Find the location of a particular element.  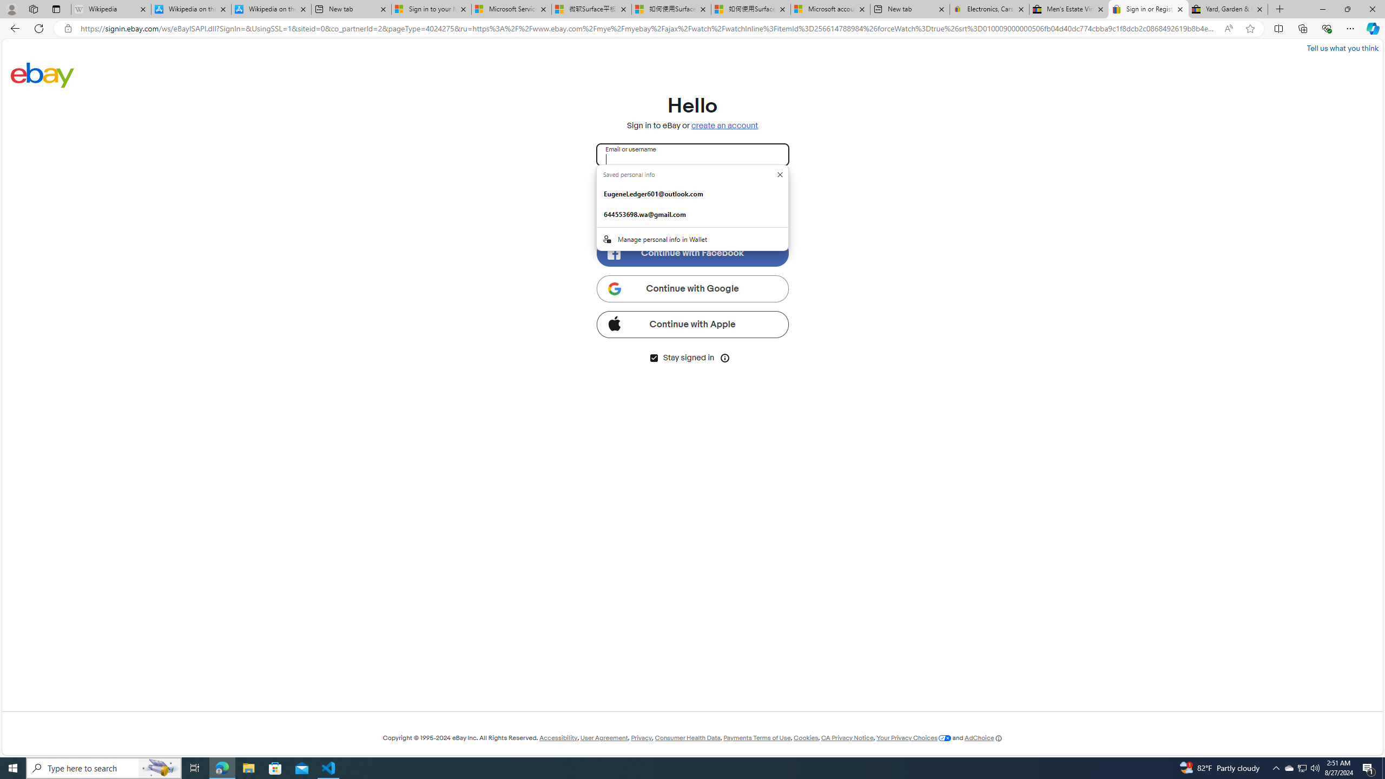

'Consumer Health Data' is located at coordinates (688, 737).